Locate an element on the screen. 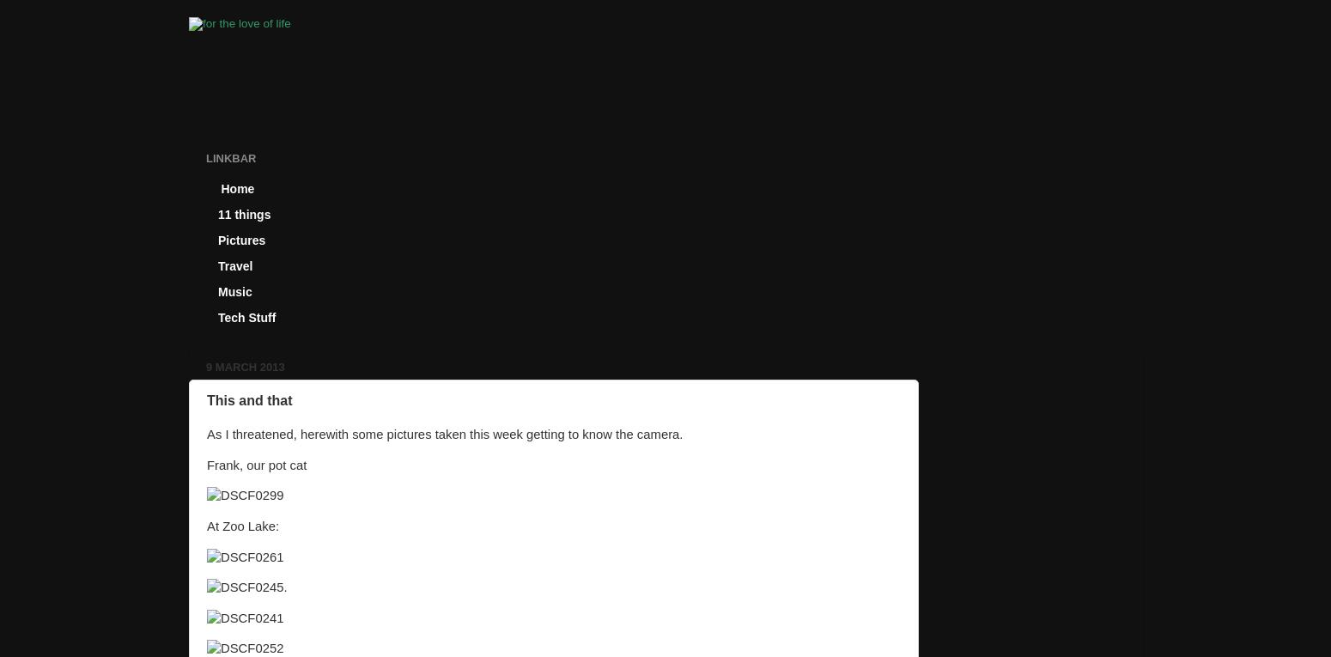 This screenshot has width=1331, height=657. 'As I threatened, herewith some pictures taken this week getting to know the camera.' is located at coordinates (444, 434).